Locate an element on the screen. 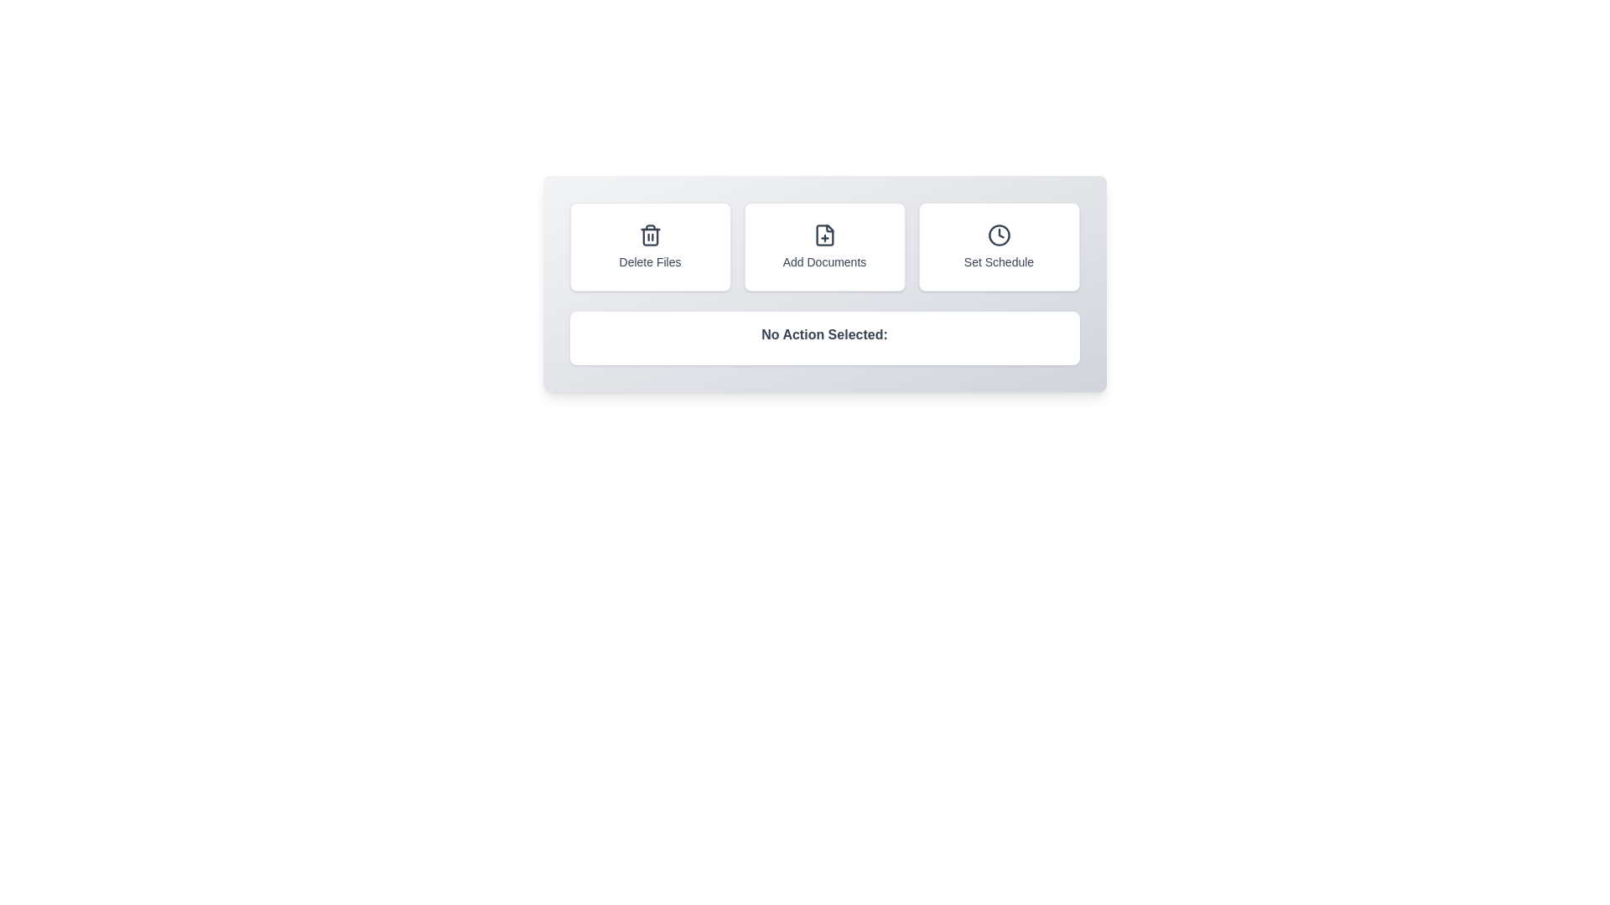 The height and width of the screenshot is (905, 1610). the trash can icon located above the 'Delete Files' label within the white, bordered panel is located at coordinates (649, 235).